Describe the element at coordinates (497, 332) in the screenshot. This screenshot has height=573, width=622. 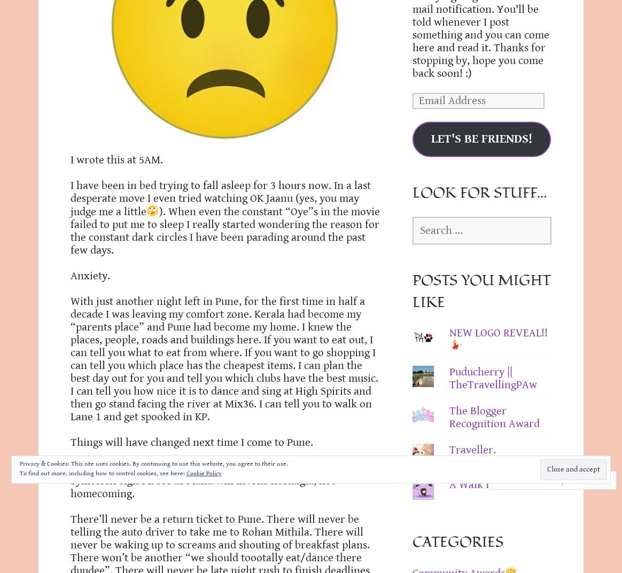
I see `'NEW LOGO REVEAL!!'` at that location.